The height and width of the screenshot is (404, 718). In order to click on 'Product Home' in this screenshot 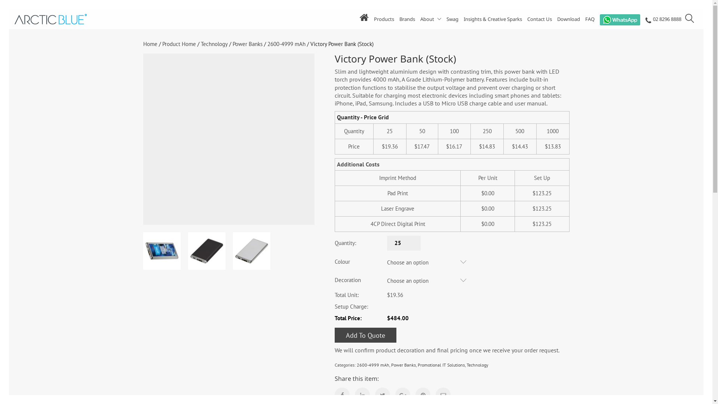, I will do `click(179, 44)`.